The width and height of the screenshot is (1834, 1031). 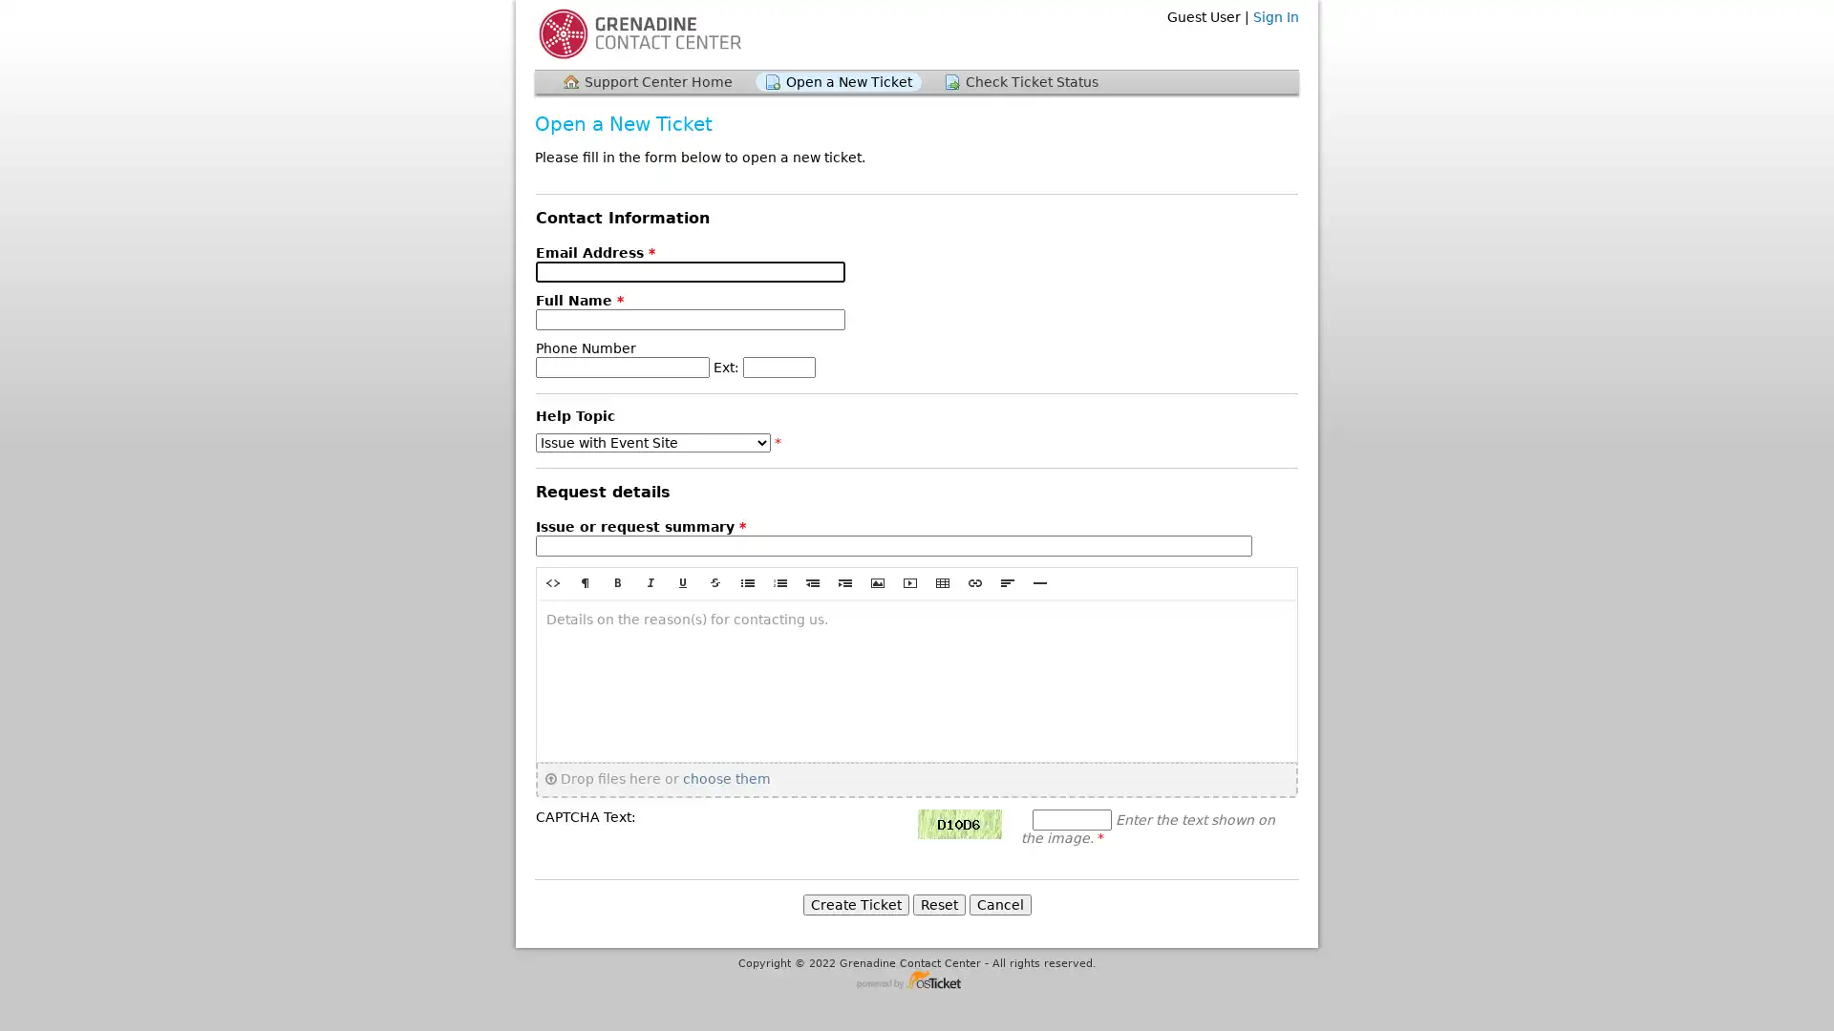 I want to click on Underline, so click(x=683, y=581).